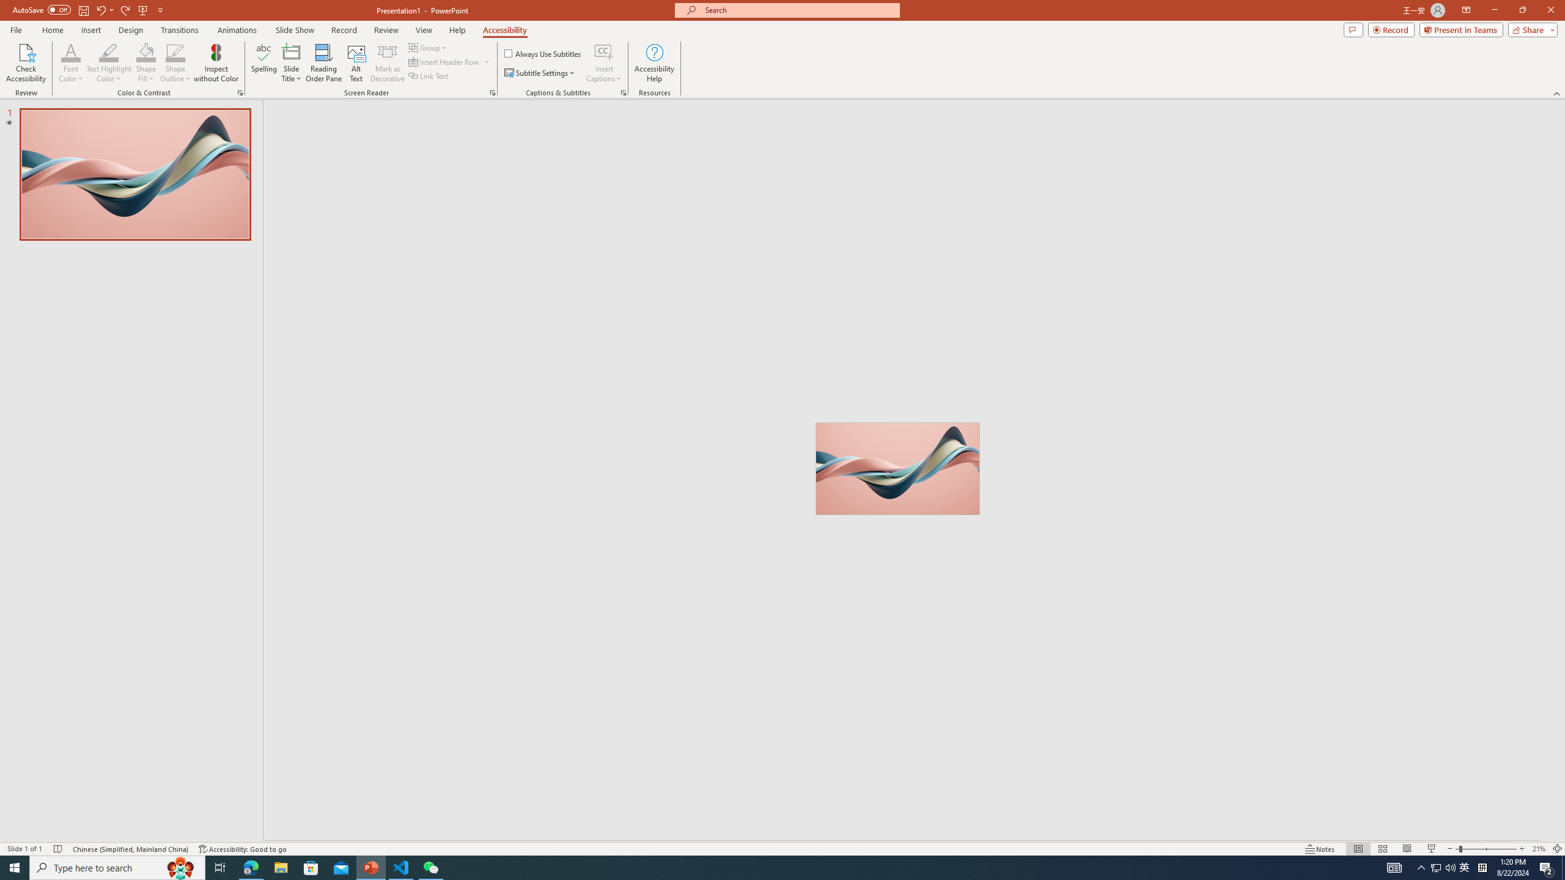 The height and width of the screenshot is (880, 1565). What do you see at coordinates (540, 72) in the screenshot?
I see `'Subtitle Settings'` at bounding box center [540, 72].